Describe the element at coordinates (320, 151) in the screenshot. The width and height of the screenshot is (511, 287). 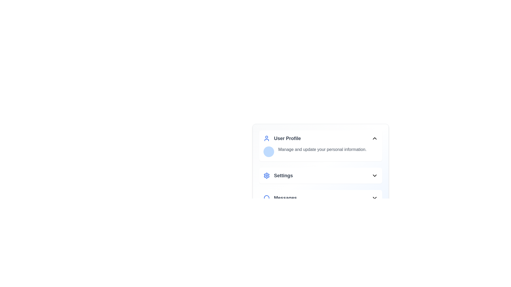
I see `the static text displaying 'Manage and update your personal information' located in the 'User Profile' section, which appears below the section title` at that location.